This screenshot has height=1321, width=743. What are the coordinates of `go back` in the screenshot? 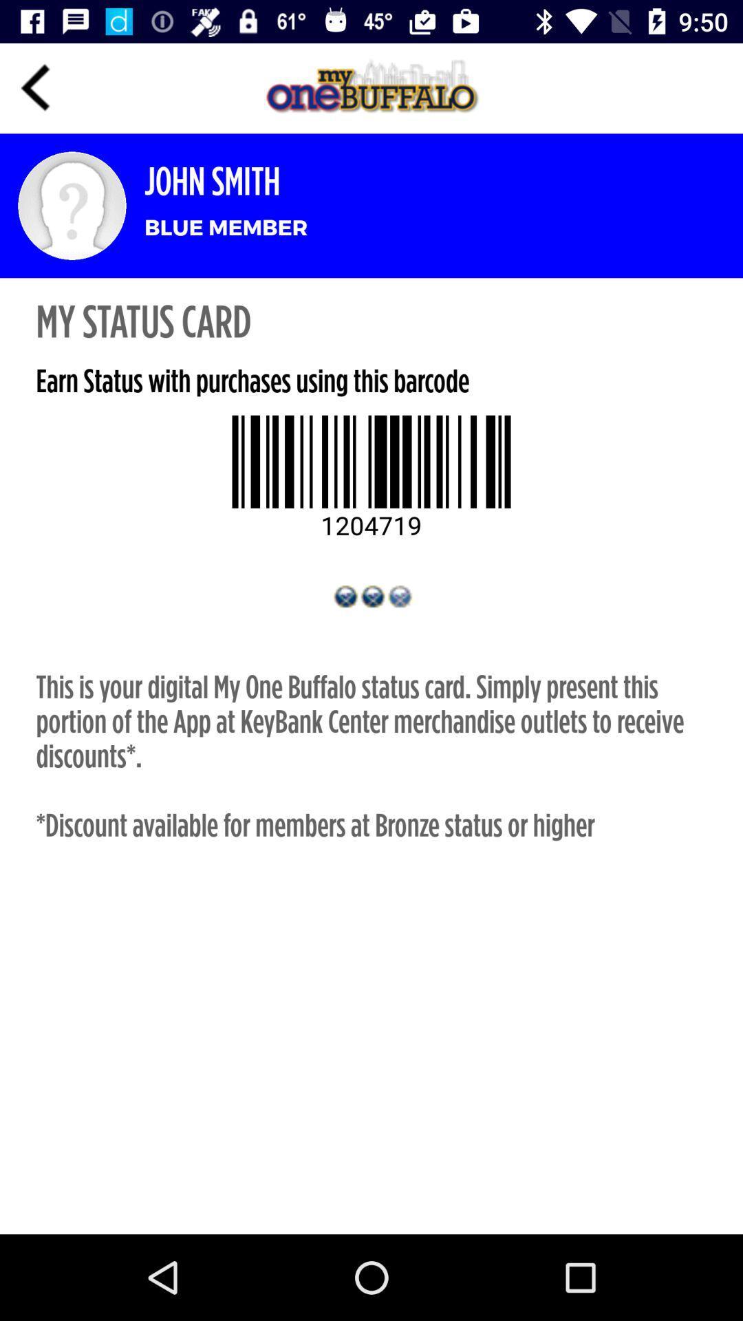 It's located at (35, 87).